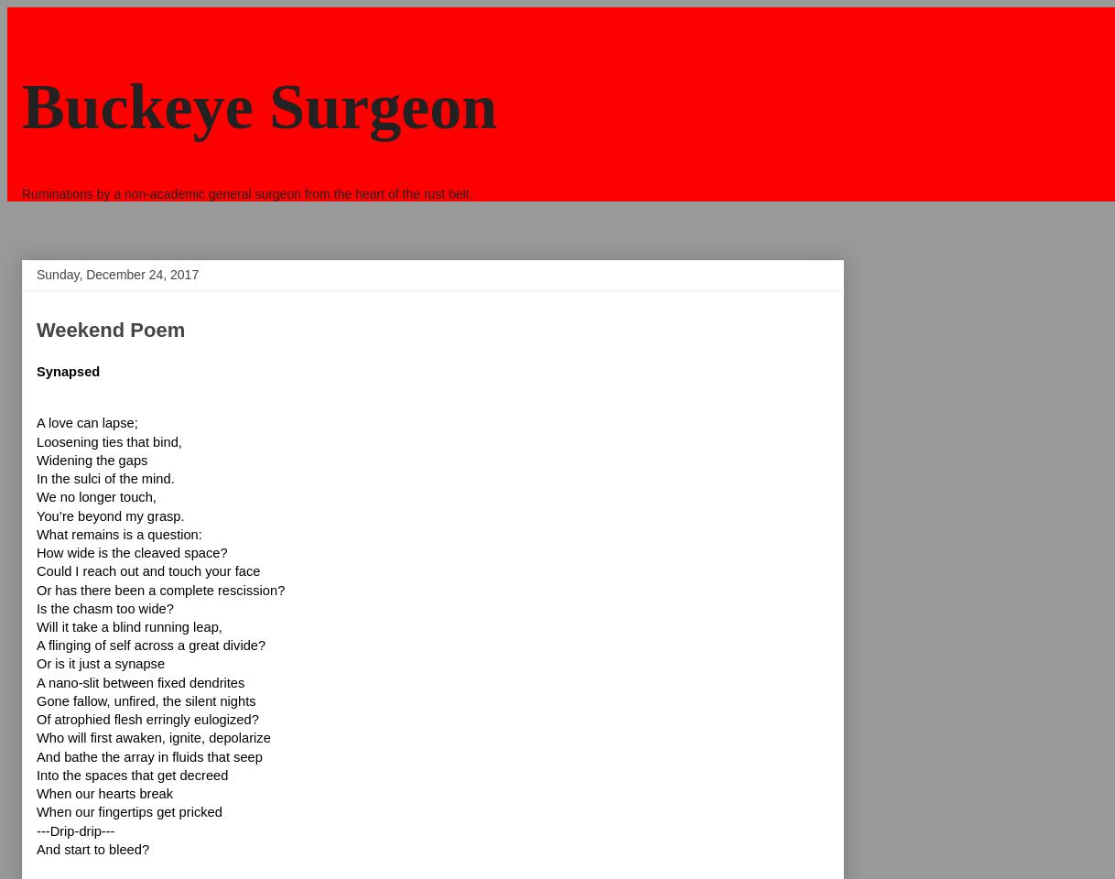 The image size is (1115, 879). I want to click on 'Who will first awaken, ignite, depolarize', so click(36, 738).